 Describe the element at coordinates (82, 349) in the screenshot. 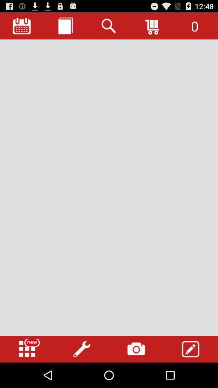

I see `settings` at that location.